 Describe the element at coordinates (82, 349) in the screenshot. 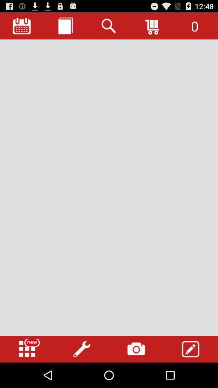

I see `settings` at that location.